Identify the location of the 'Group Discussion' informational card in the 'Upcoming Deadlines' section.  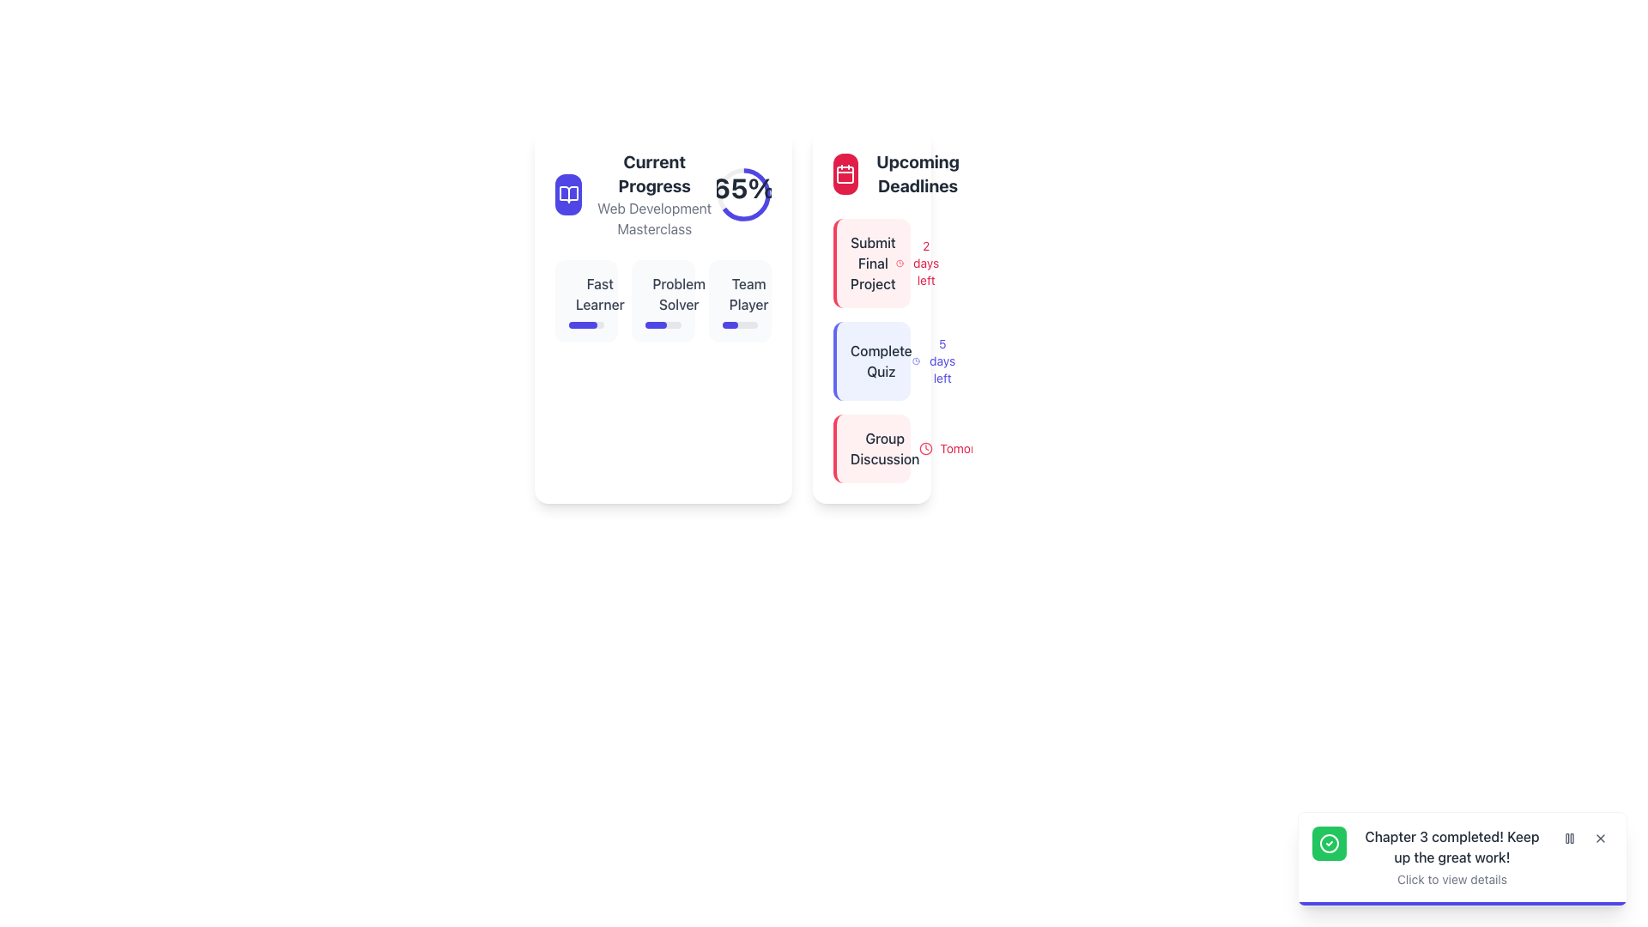
(873, 448).